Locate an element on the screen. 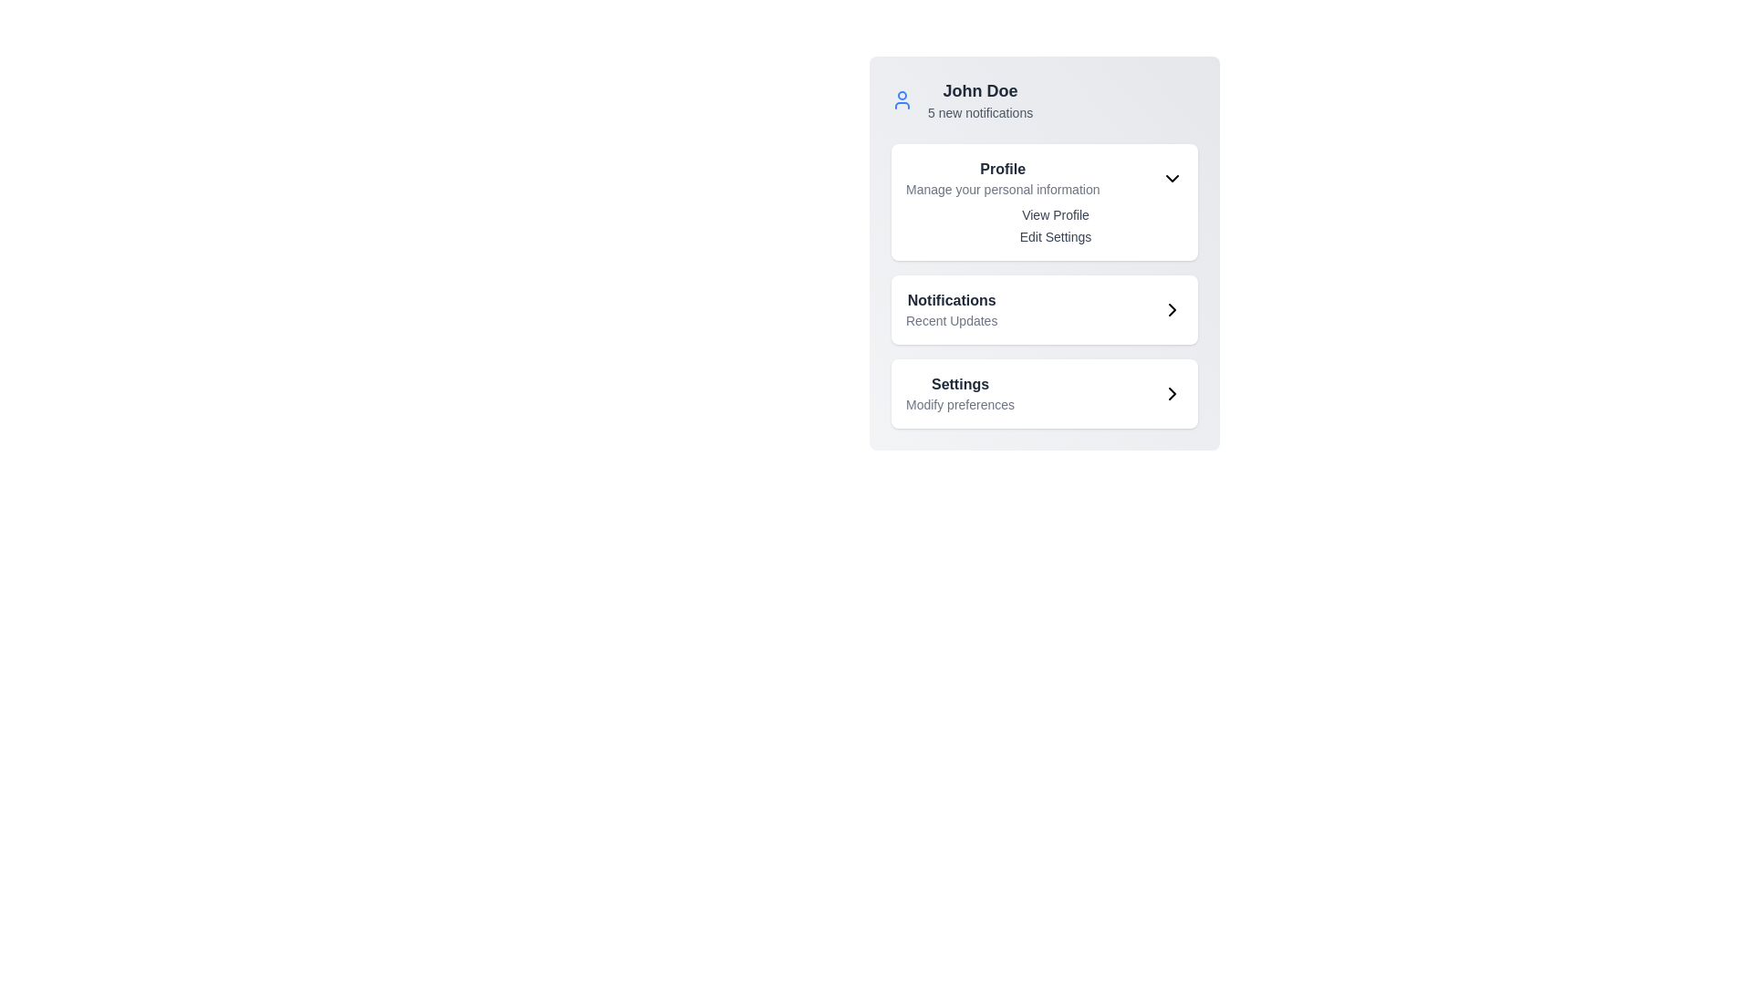  the text label reading 'Notifications', which is styled in bold dark gray and positioned at the top of its section above 'Recent Updates' is located at coordinates (951, 300).